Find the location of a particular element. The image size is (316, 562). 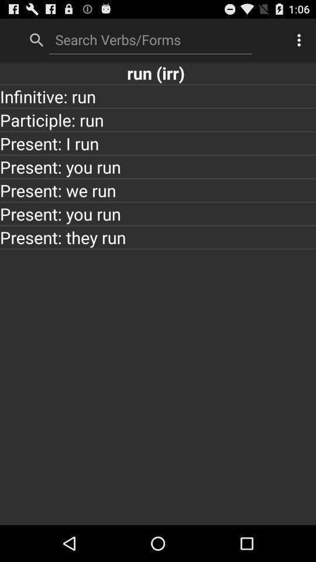

app below infinitive: run item is located at coordinates (158, 119).